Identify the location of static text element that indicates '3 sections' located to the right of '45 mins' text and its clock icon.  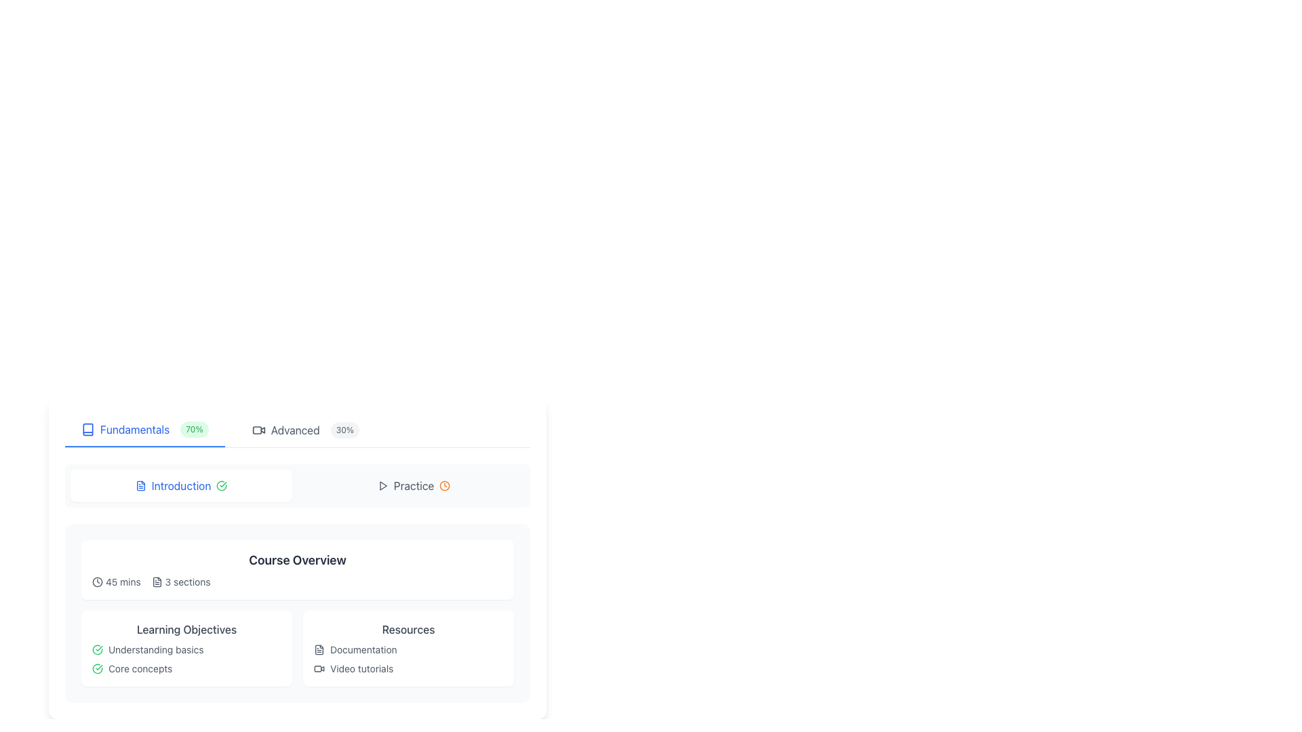
(180, 582).